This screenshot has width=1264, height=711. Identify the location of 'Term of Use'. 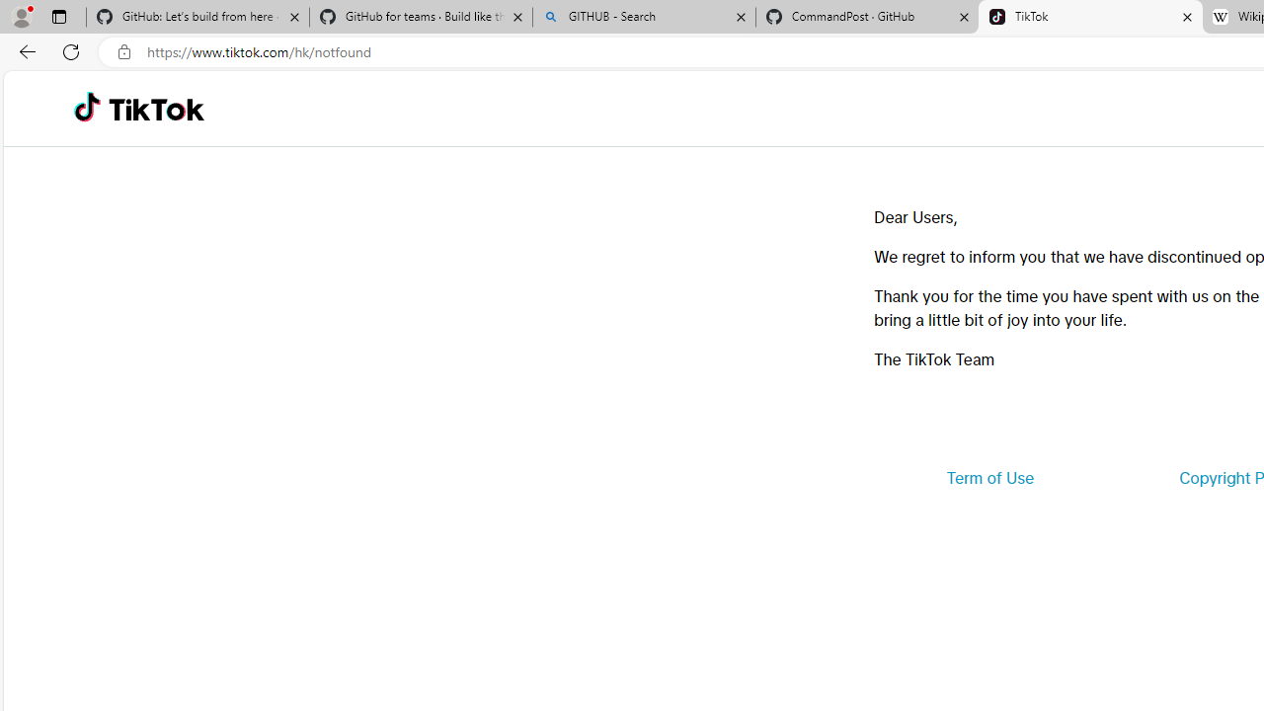
(989, 478).